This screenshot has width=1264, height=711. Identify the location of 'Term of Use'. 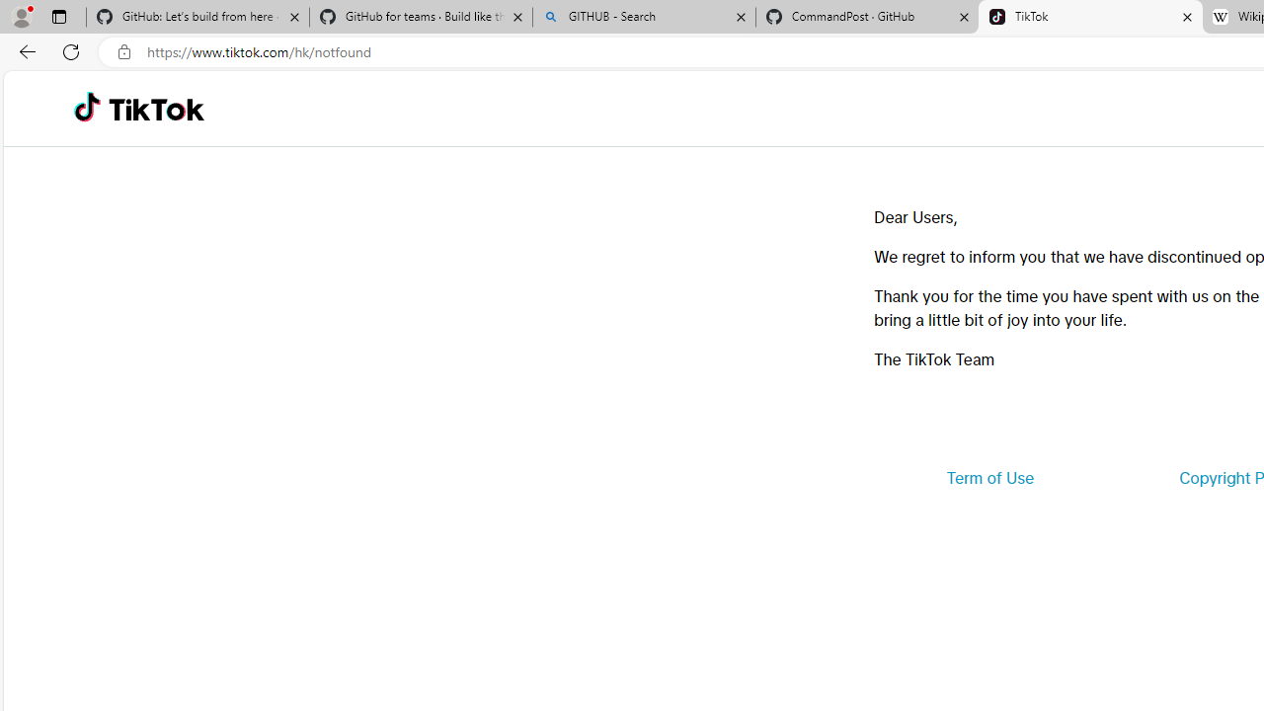
(989, 478).